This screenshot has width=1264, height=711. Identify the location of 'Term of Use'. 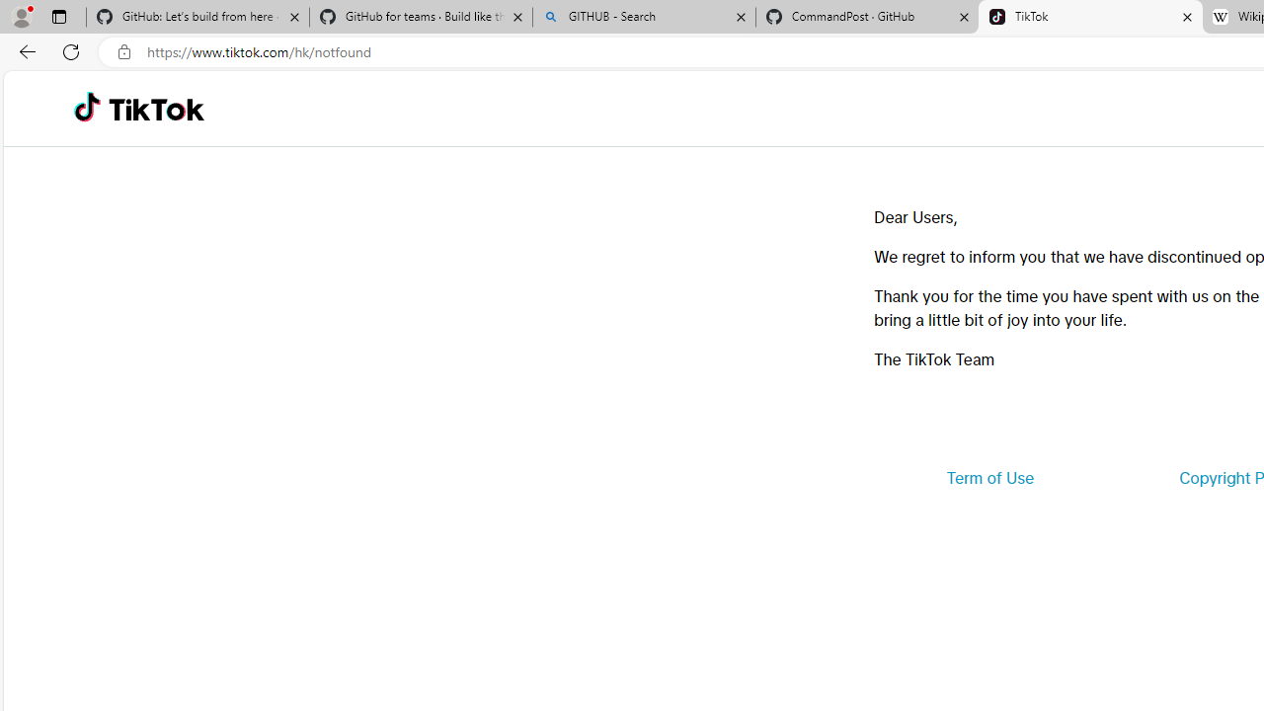
(989, 478).